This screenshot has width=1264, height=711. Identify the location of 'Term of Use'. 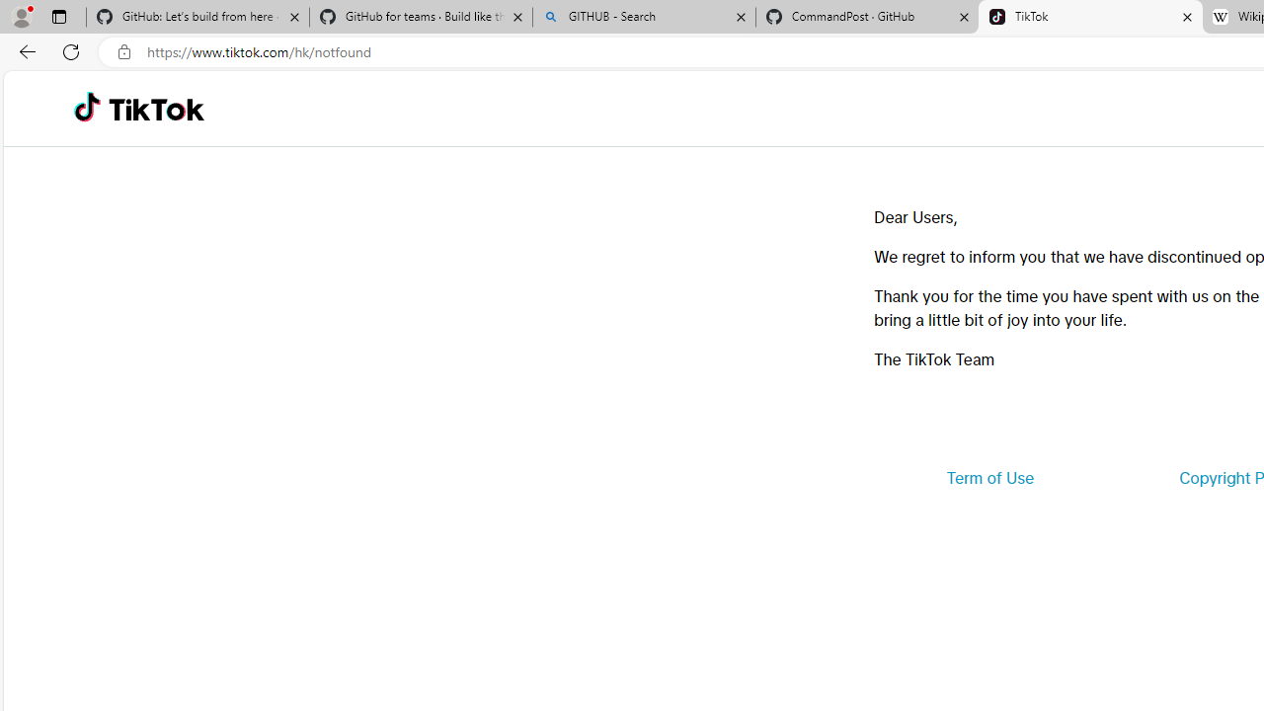
(989, 478).